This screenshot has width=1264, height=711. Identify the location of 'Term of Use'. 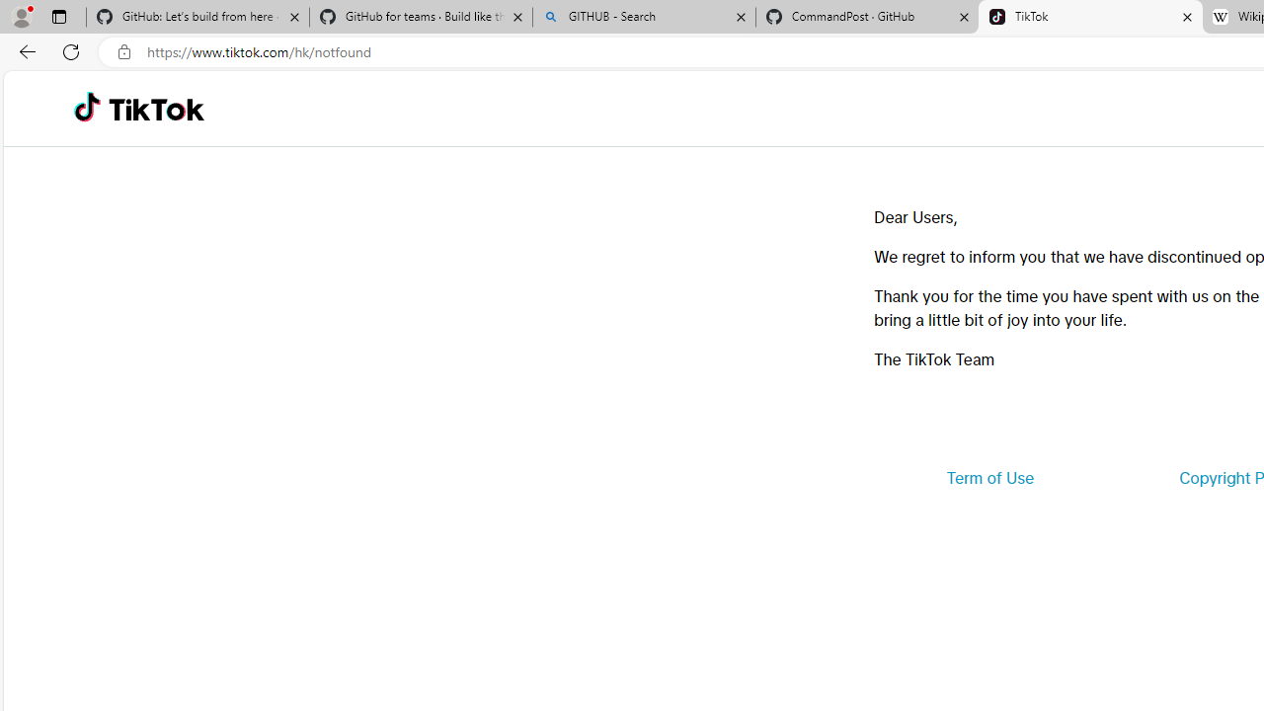
(989, 478).